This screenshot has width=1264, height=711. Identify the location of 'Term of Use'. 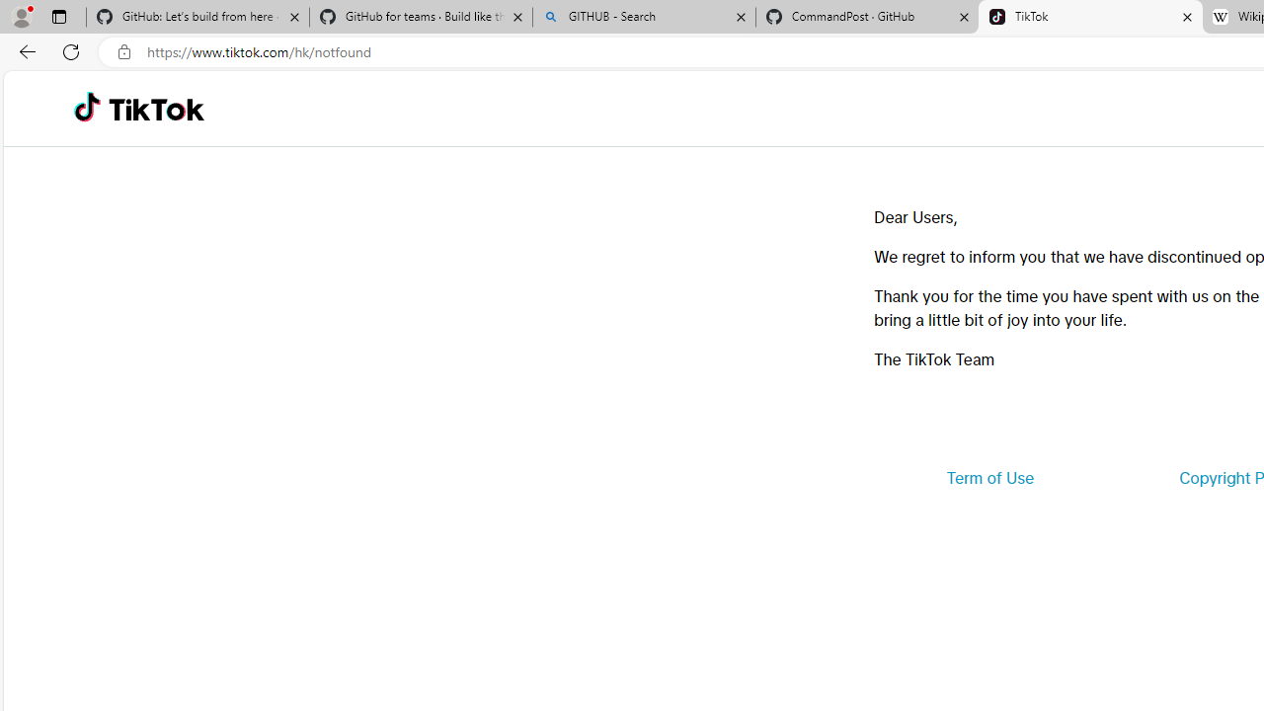
(989, 478).